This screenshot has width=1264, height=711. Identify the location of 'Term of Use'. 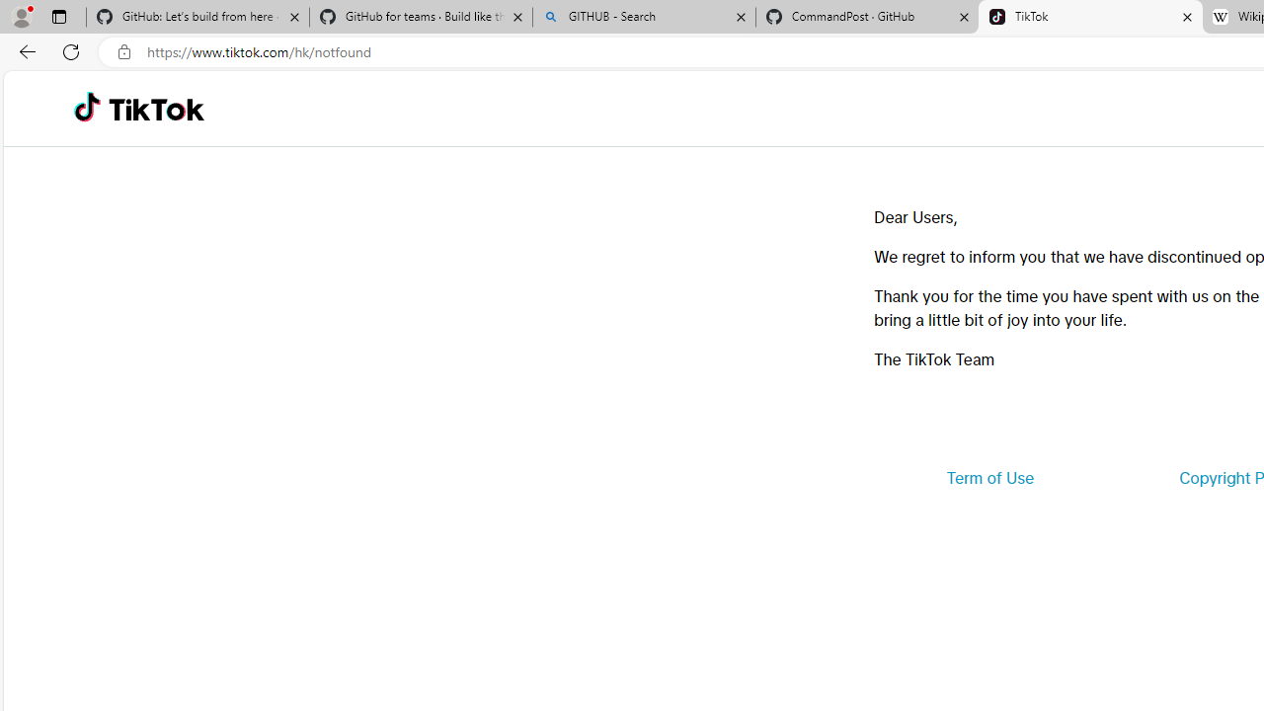
(989, 478).